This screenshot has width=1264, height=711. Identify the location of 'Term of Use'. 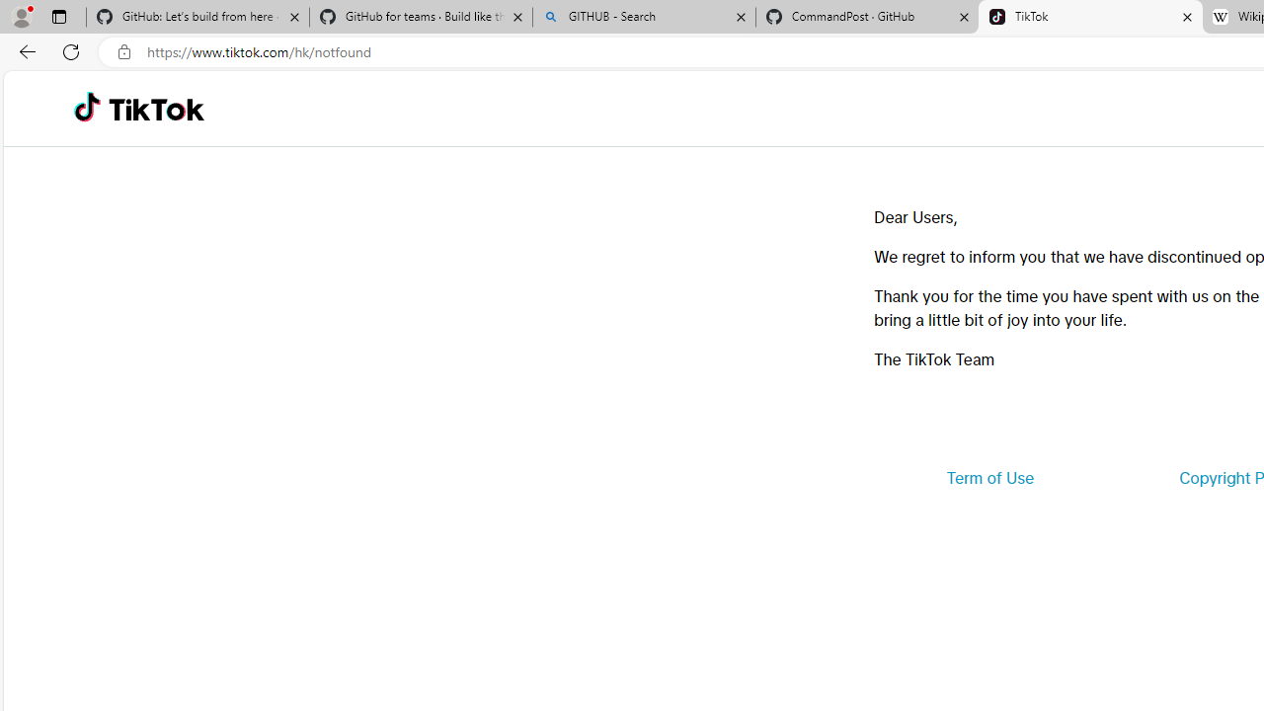
(989, 478).